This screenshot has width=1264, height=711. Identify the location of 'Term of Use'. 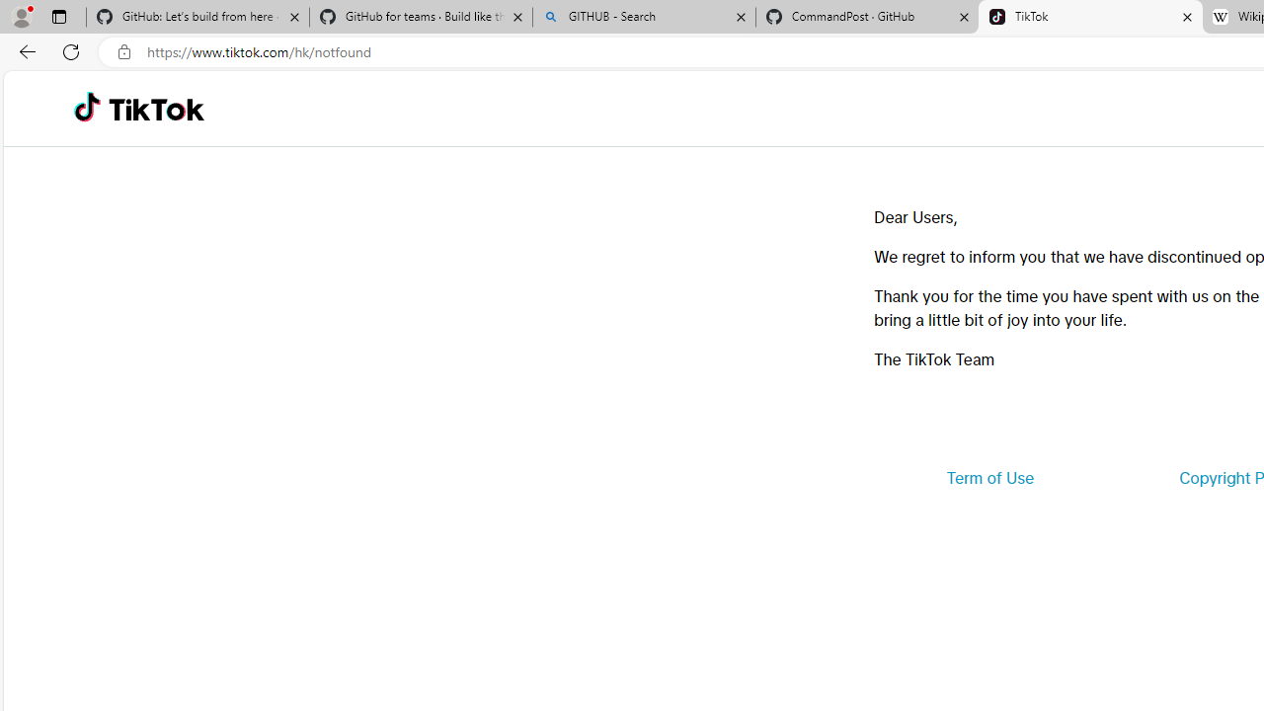
(989, 478).